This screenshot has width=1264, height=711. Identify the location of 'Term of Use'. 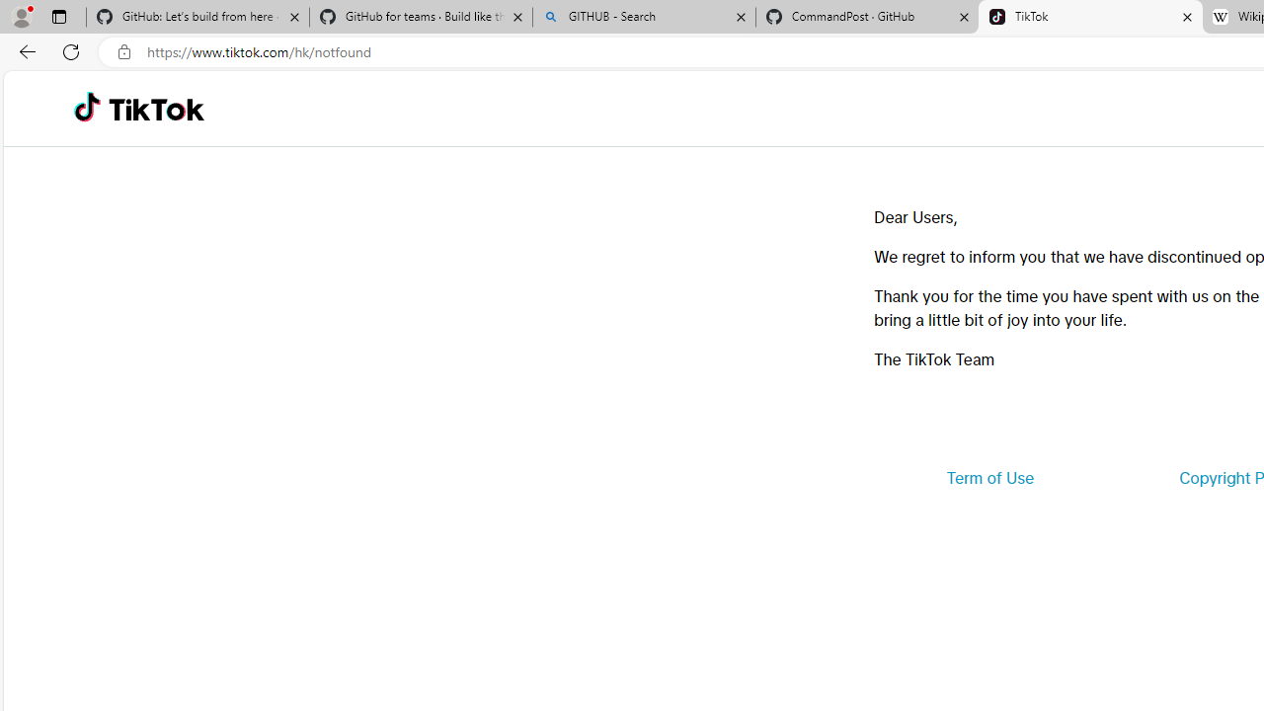
(989, 478).